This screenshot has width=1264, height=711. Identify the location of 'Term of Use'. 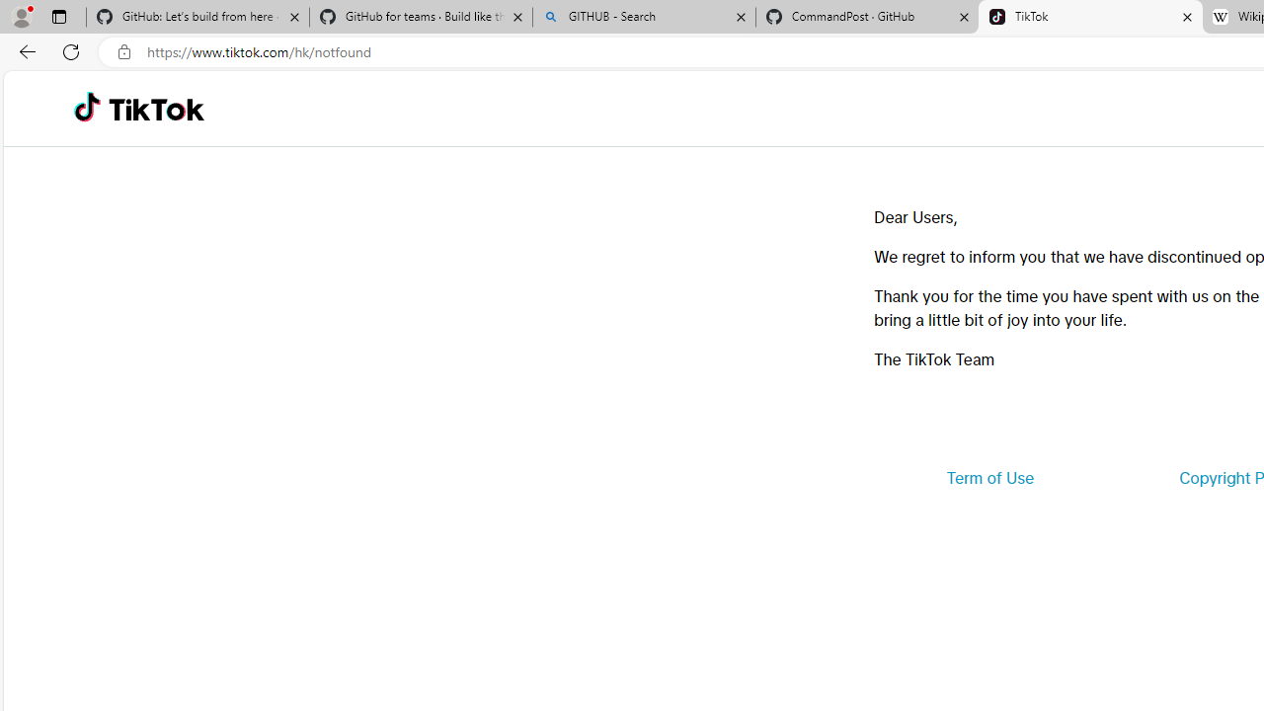
(989, 478).